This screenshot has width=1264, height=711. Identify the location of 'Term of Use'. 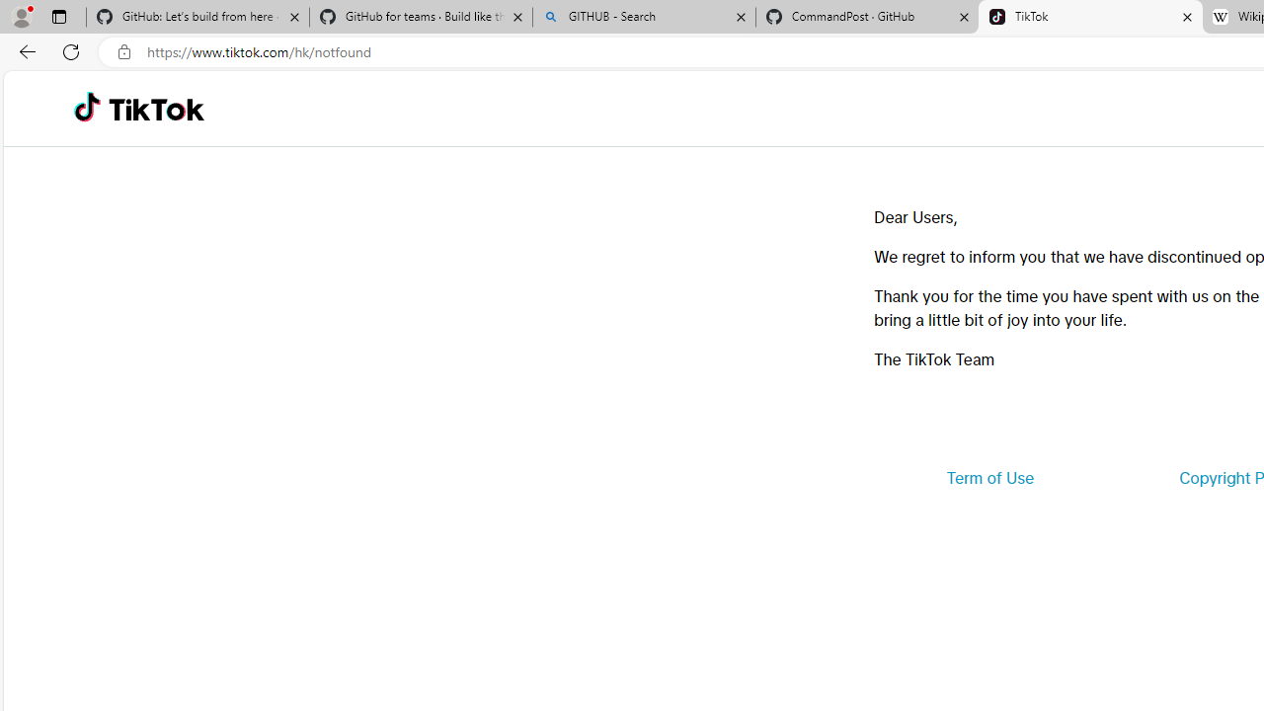
(989, 478).